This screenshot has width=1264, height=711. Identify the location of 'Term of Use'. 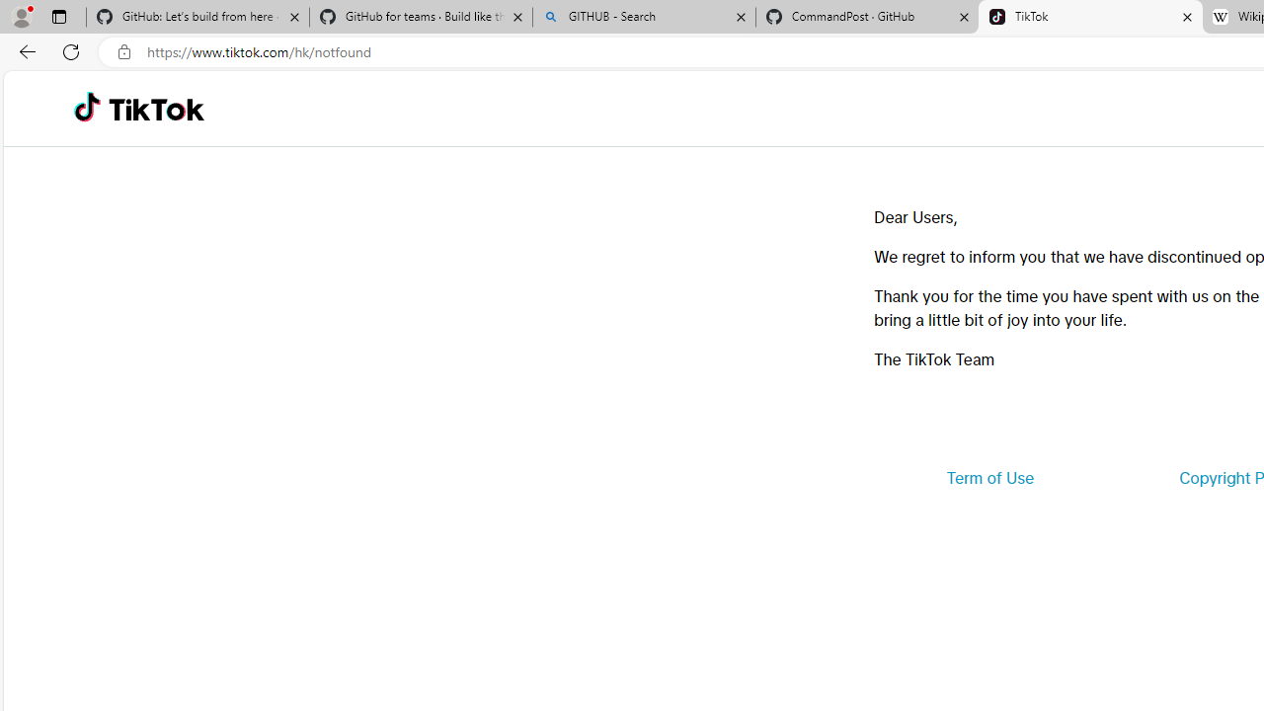
(989, 478).